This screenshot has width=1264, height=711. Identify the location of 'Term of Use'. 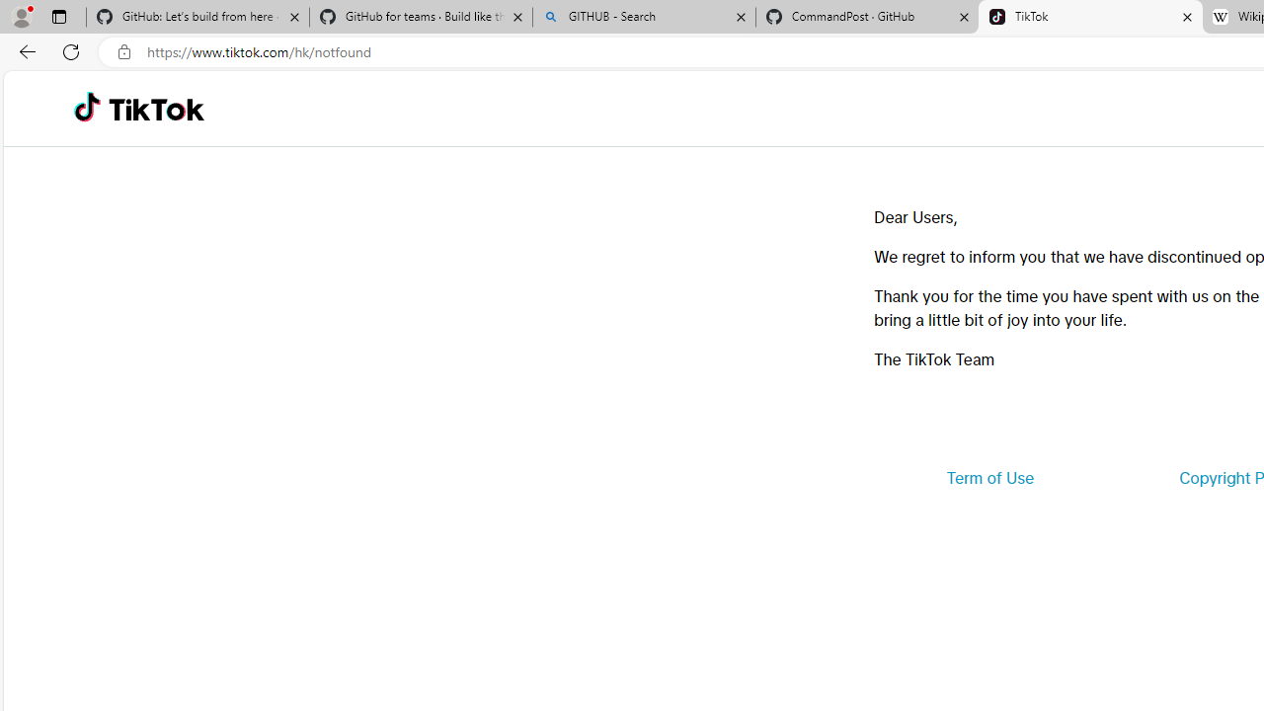
(989, 478).